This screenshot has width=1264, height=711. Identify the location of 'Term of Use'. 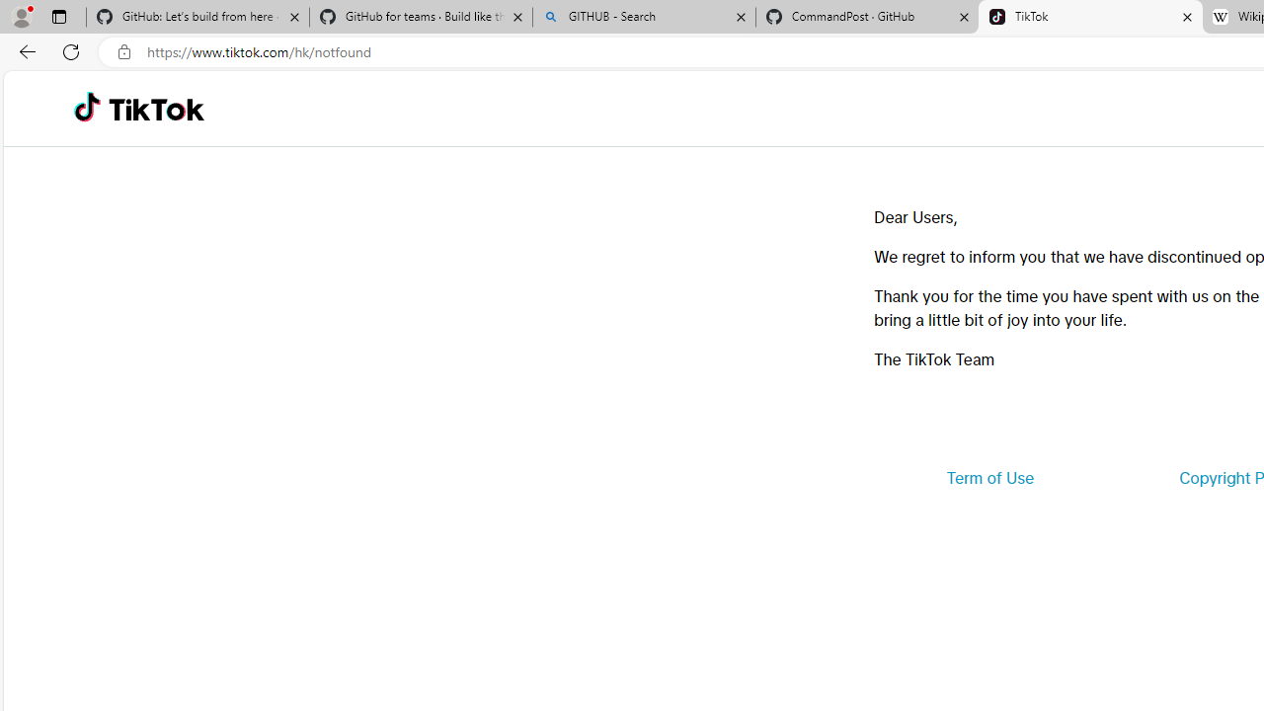
(989, 478).